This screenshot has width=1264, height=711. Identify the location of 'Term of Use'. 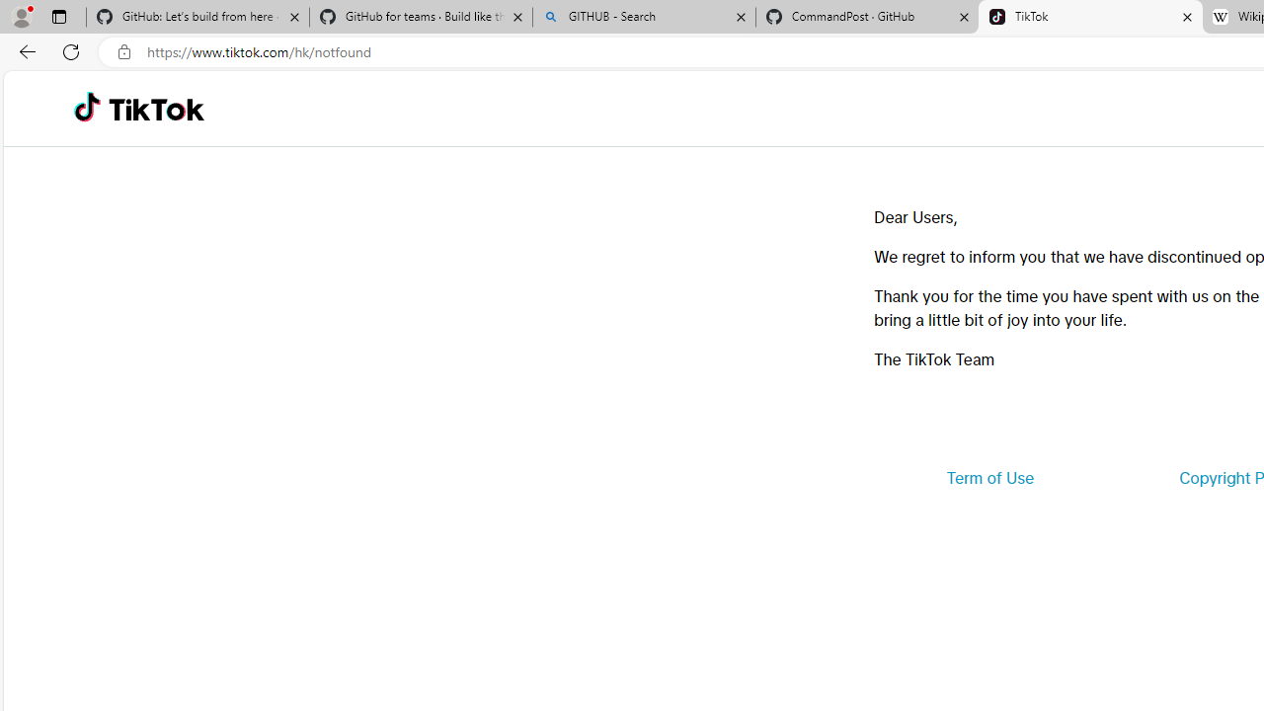
(989, 478).